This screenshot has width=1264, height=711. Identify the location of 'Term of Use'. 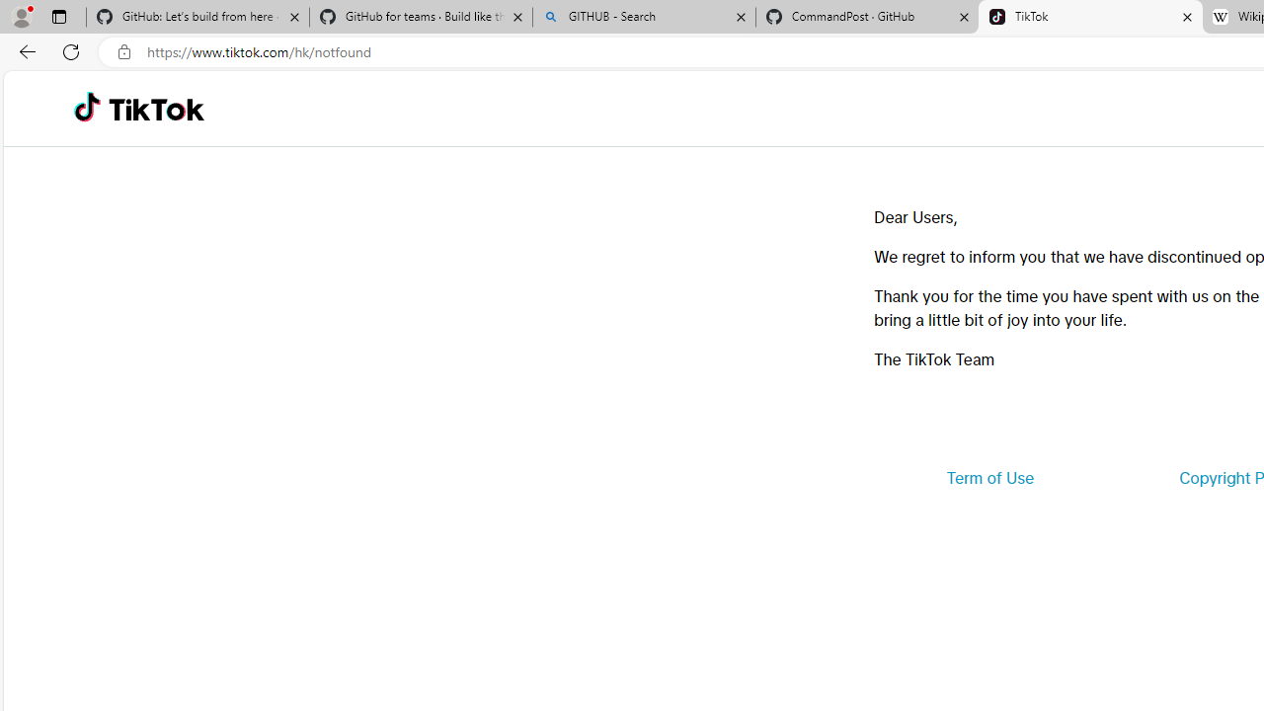
(989, 478).